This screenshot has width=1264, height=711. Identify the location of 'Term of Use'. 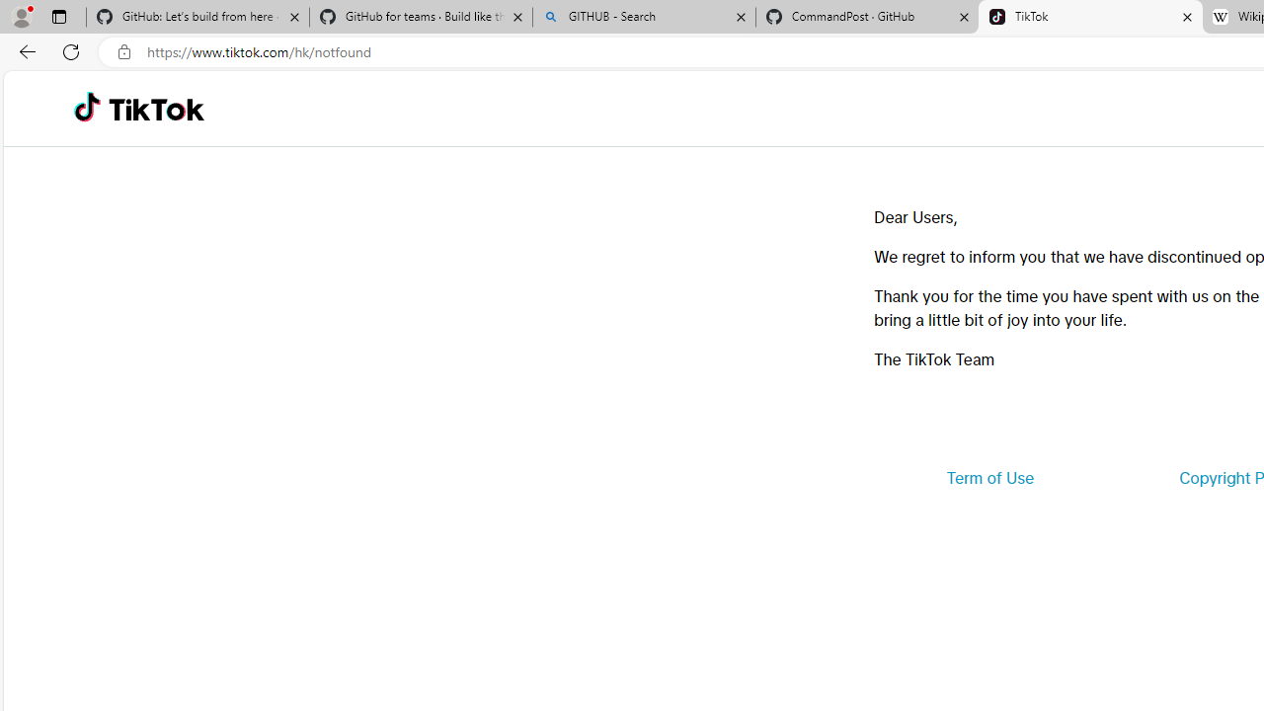
(989, 478).